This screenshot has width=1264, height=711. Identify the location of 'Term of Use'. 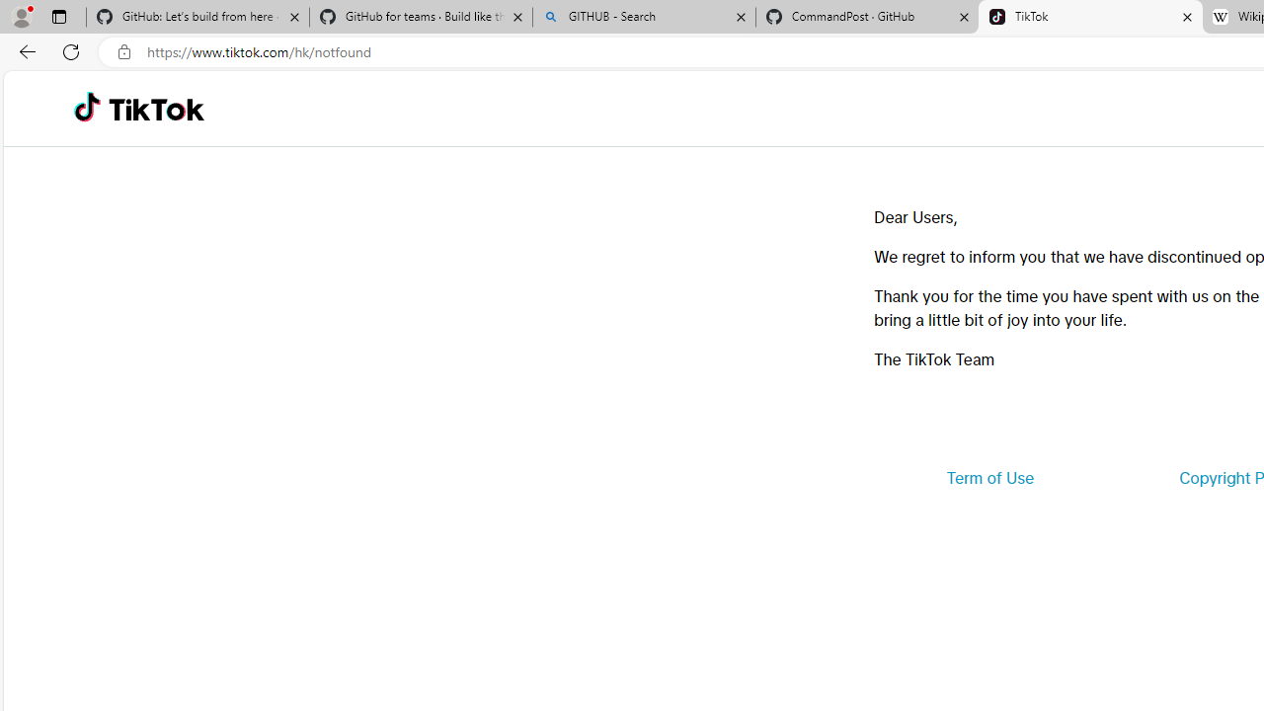
(989, 478).